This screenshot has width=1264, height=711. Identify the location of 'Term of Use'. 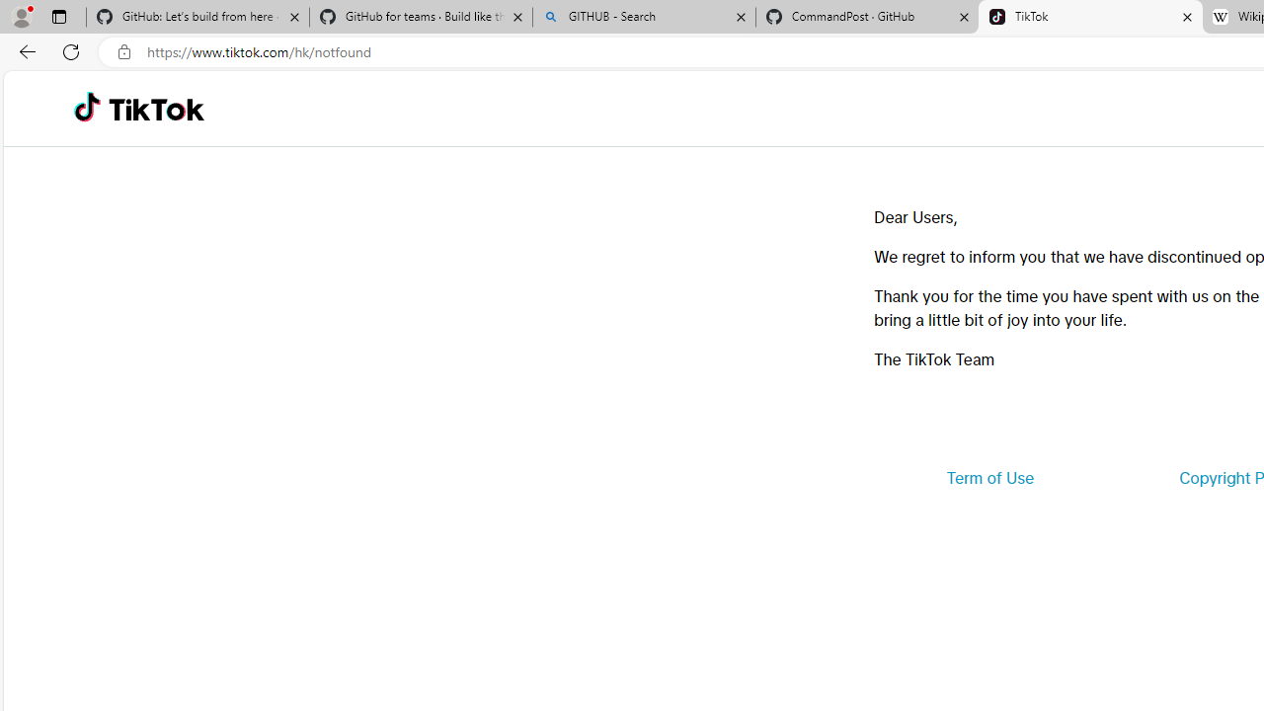
(989, 478).